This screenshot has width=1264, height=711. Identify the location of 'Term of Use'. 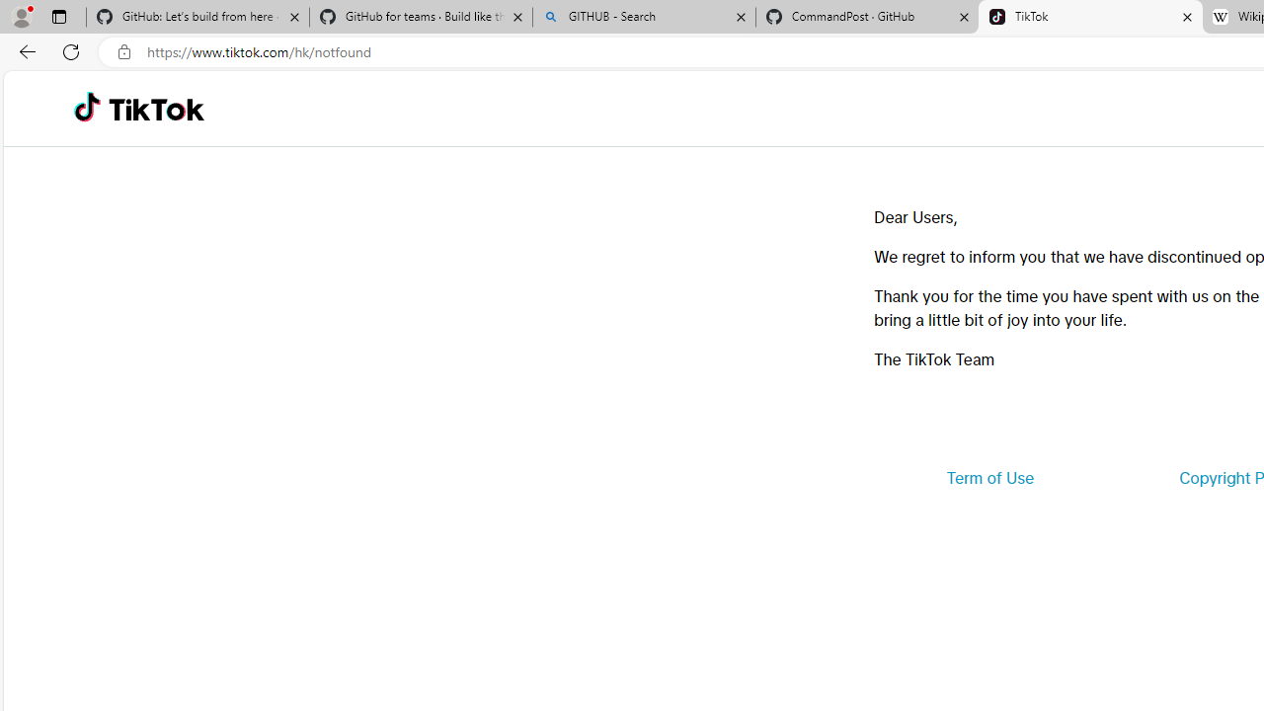
(989, 478).